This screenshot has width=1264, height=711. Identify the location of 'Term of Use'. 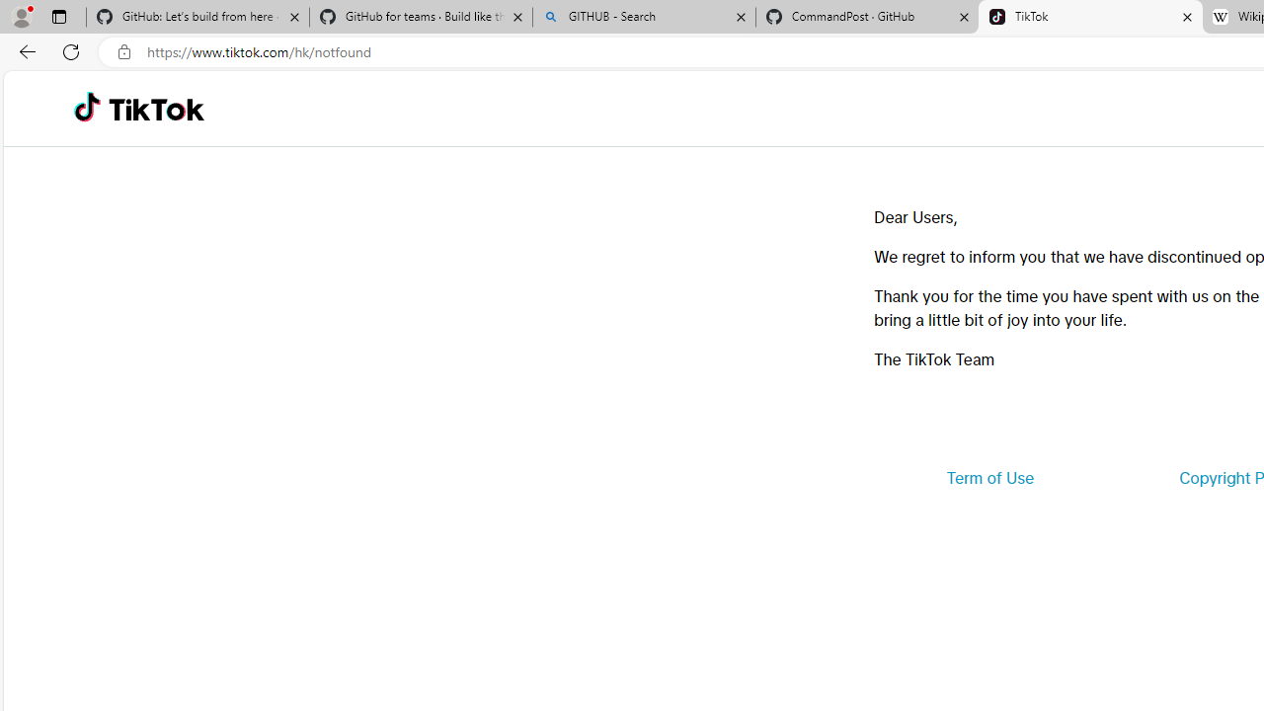
(989, 478).